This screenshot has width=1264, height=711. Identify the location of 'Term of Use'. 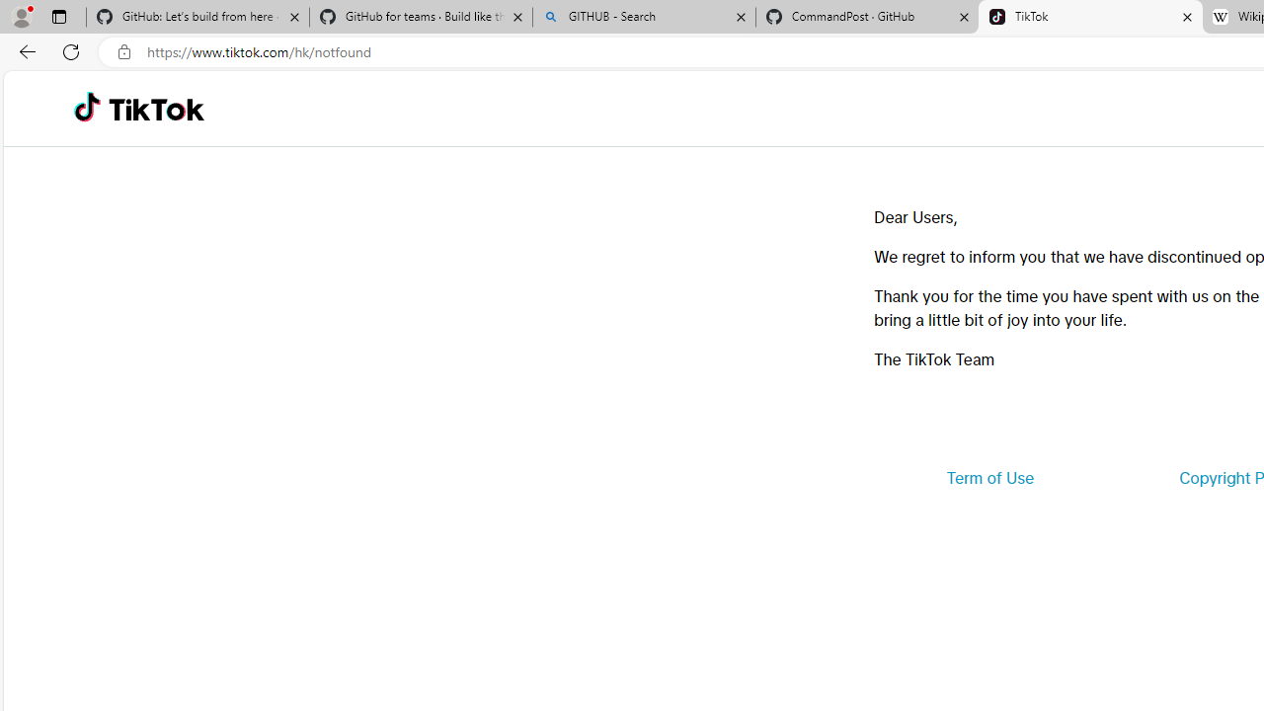
(989, 478).